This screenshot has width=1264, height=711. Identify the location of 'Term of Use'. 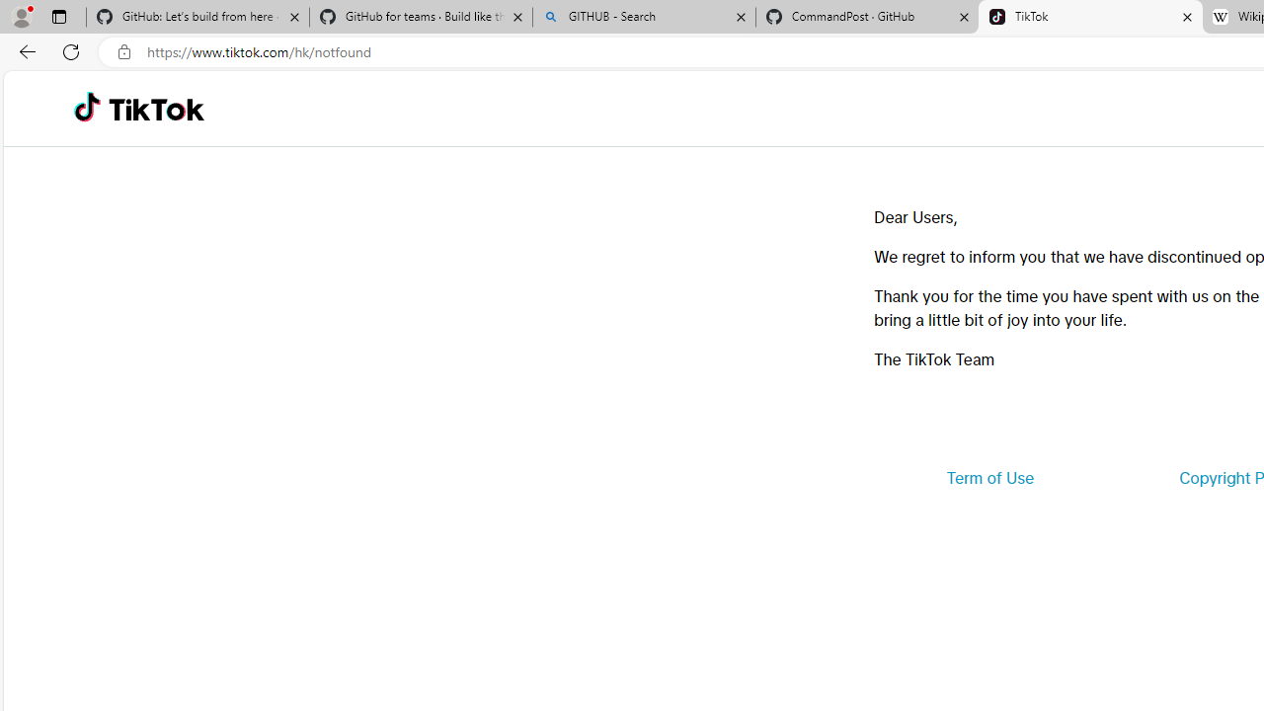
(989, 478).